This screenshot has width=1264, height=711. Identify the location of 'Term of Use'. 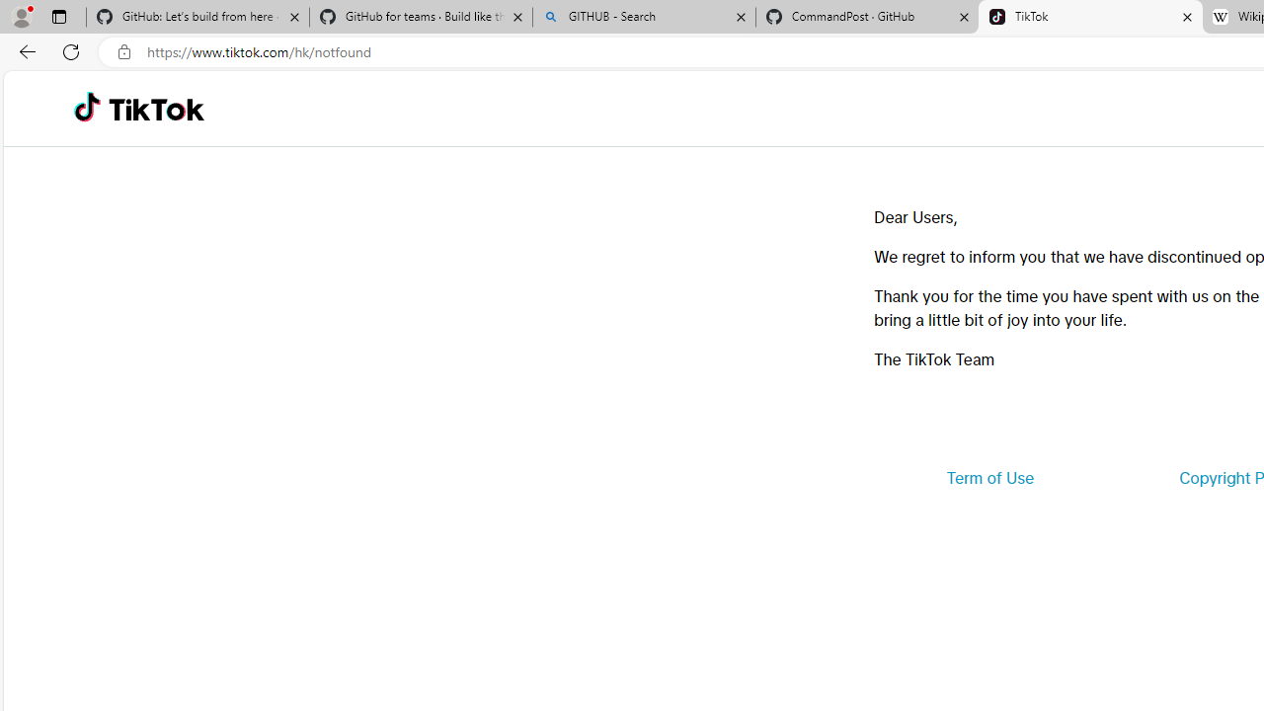
(989, 478).